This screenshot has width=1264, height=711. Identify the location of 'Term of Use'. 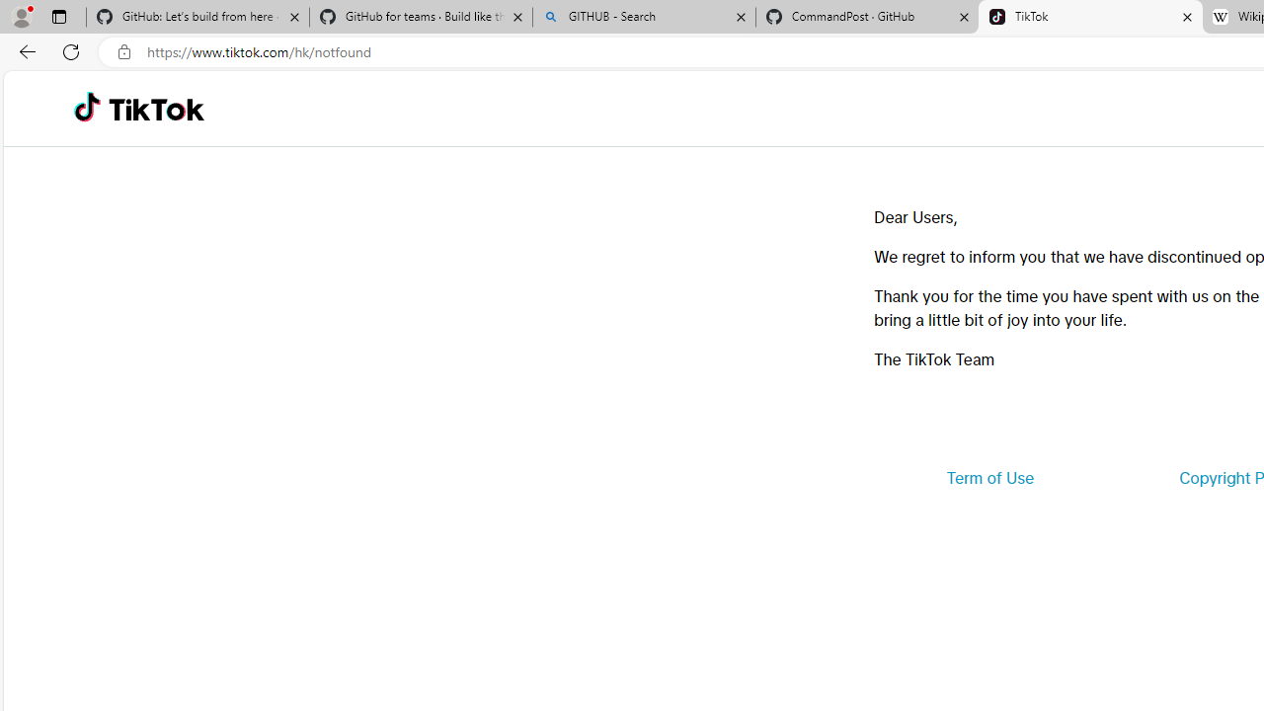
(989, 478).